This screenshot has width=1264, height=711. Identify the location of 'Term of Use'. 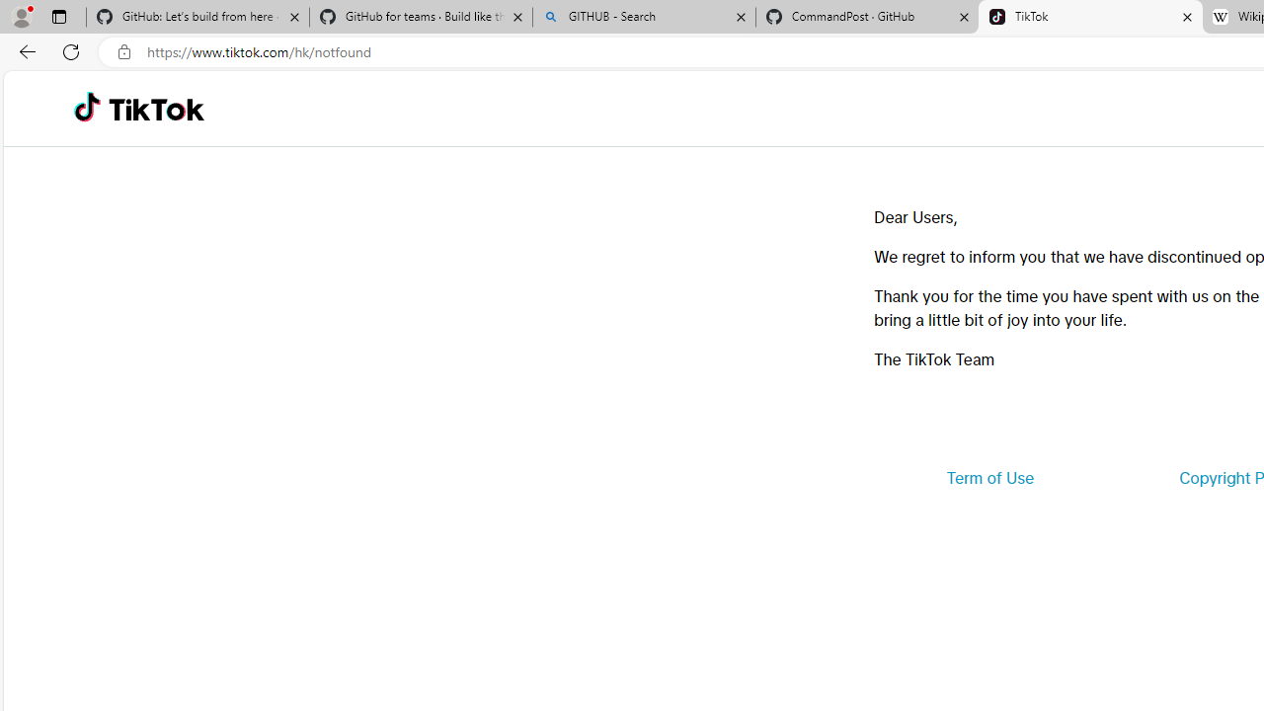
(989, 478).